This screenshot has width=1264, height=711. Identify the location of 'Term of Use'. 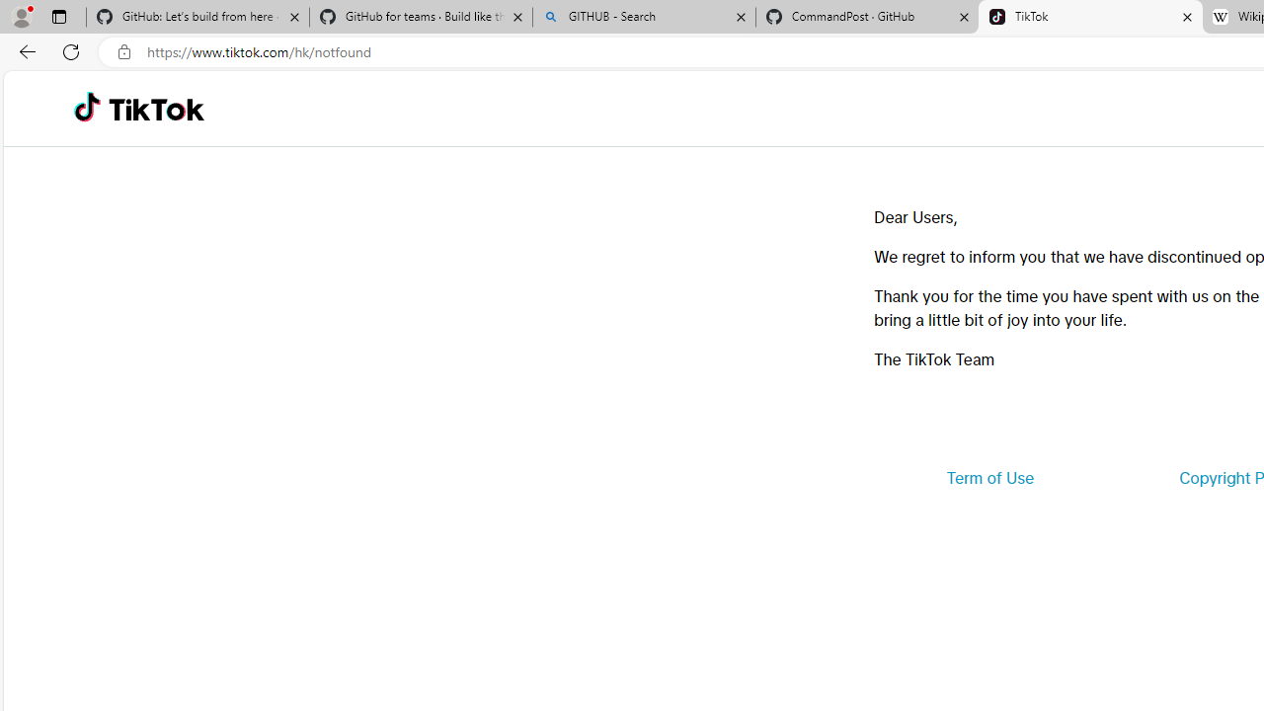
(989, 478).